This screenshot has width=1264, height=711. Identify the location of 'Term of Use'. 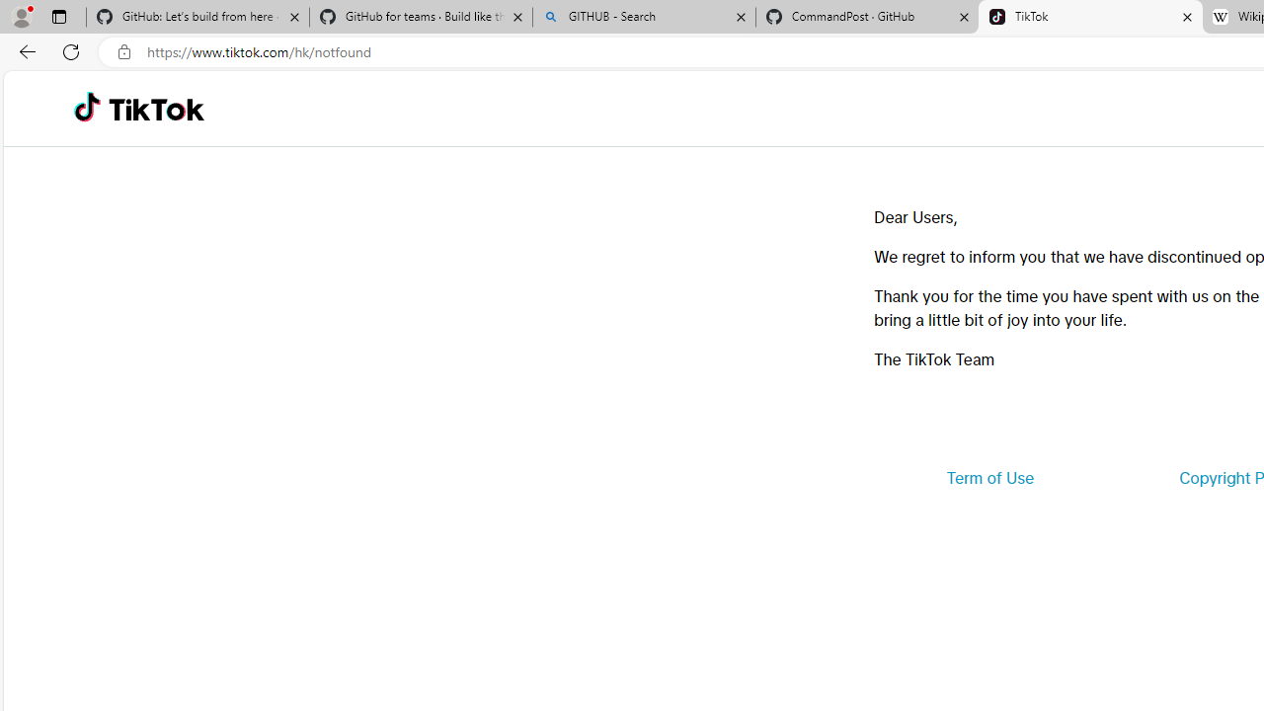
(989, 478).